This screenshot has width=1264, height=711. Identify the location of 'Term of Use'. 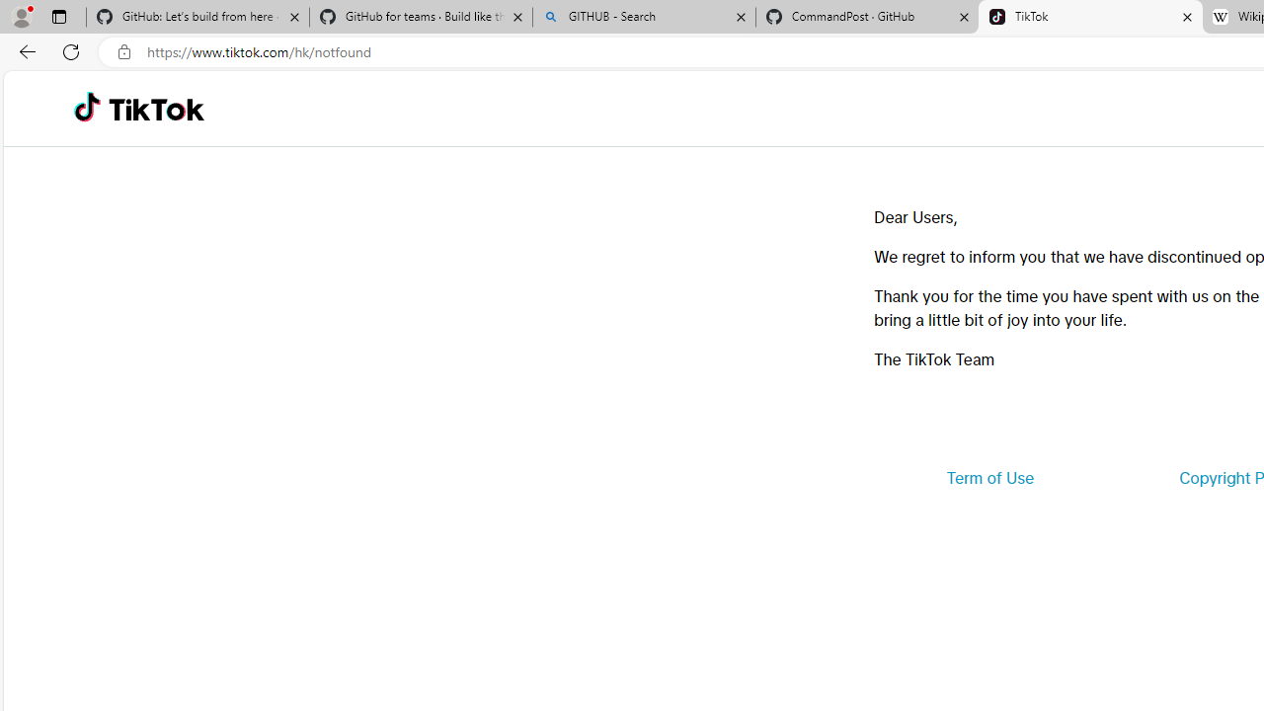
(989, 478).